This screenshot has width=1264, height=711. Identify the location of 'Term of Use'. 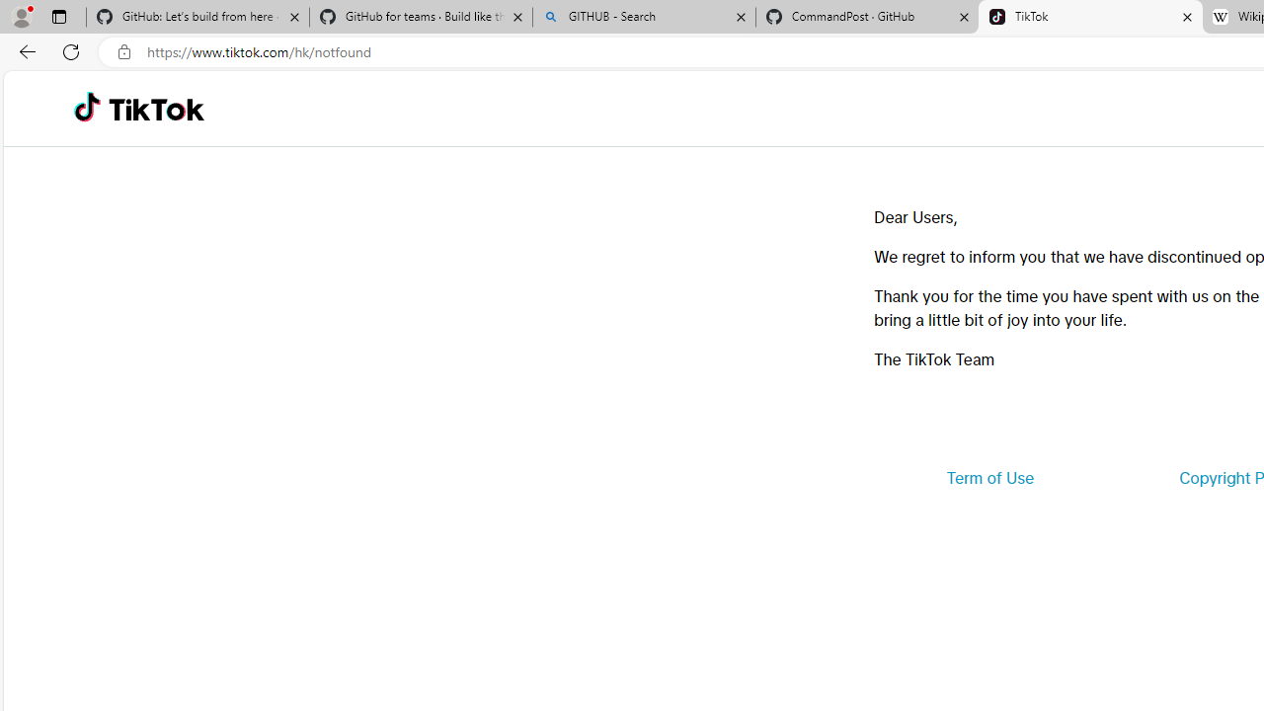
(989, 478).